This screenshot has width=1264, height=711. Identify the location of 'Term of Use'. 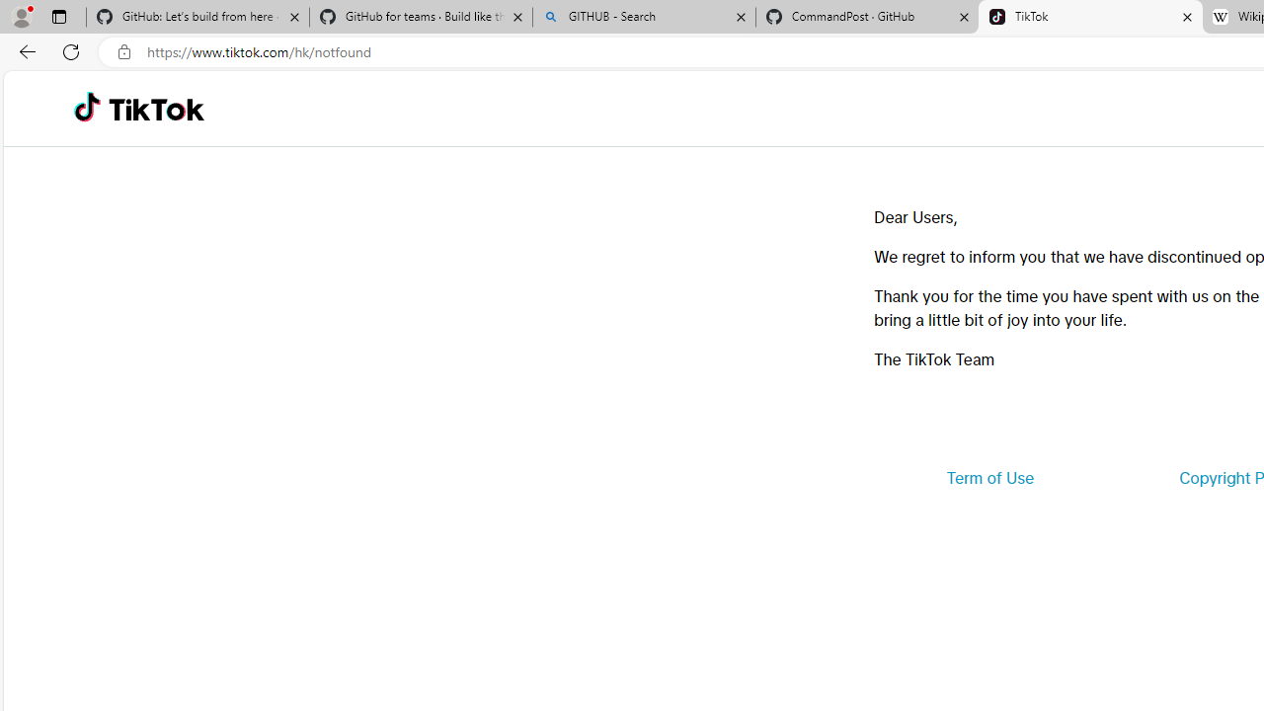
(989, 478).